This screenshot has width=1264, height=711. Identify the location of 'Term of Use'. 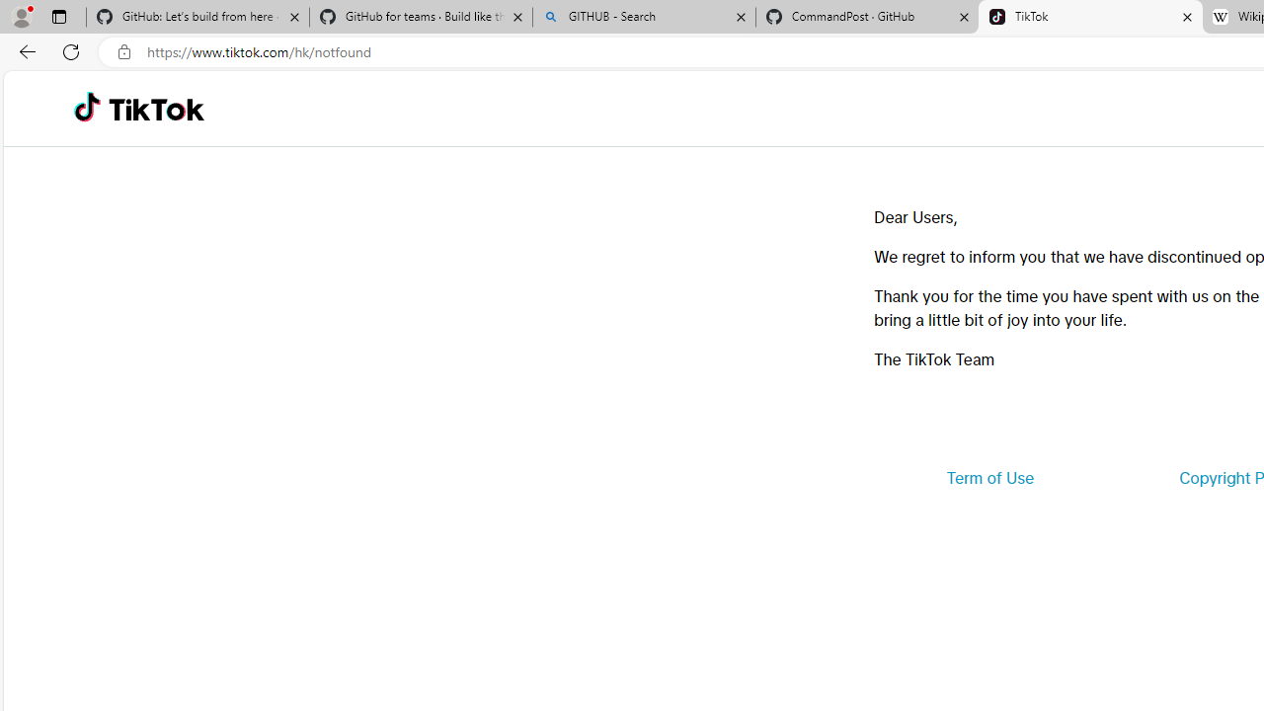
(989, 478).